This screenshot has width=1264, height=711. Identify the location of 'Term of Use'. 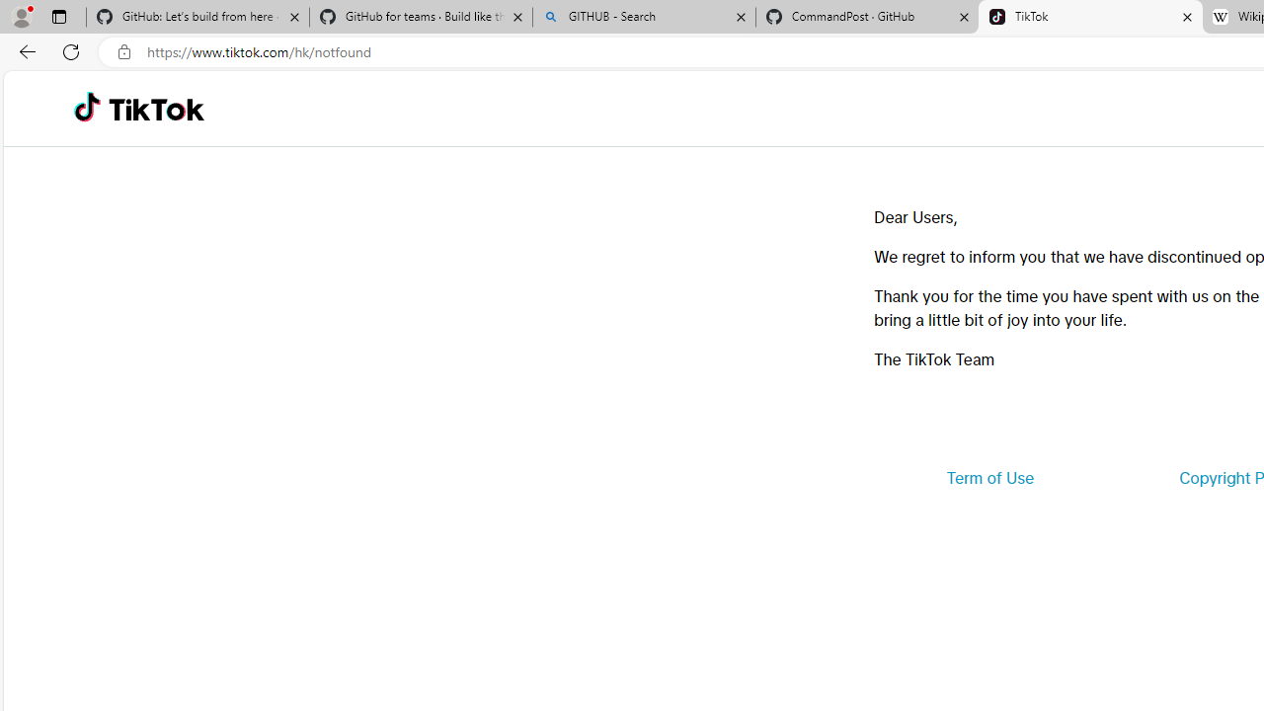
(989, 478).